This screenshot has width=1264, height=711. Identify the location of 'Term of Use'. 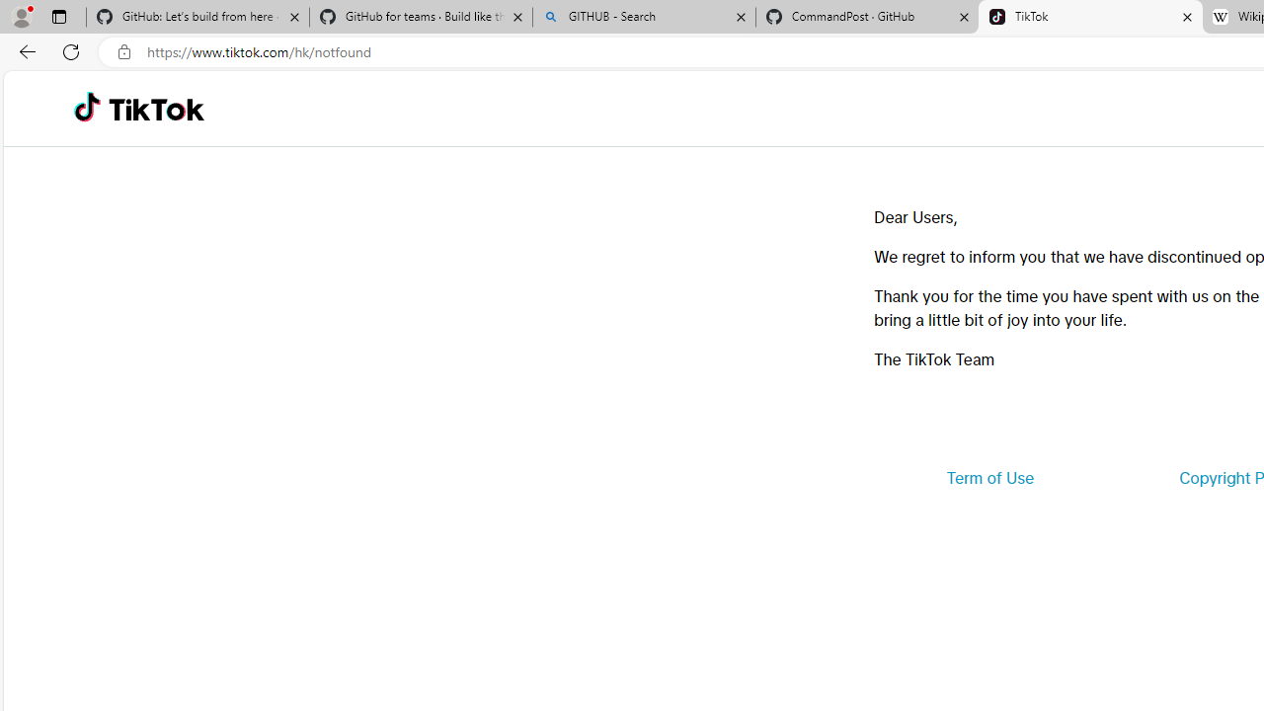
(989, 478).